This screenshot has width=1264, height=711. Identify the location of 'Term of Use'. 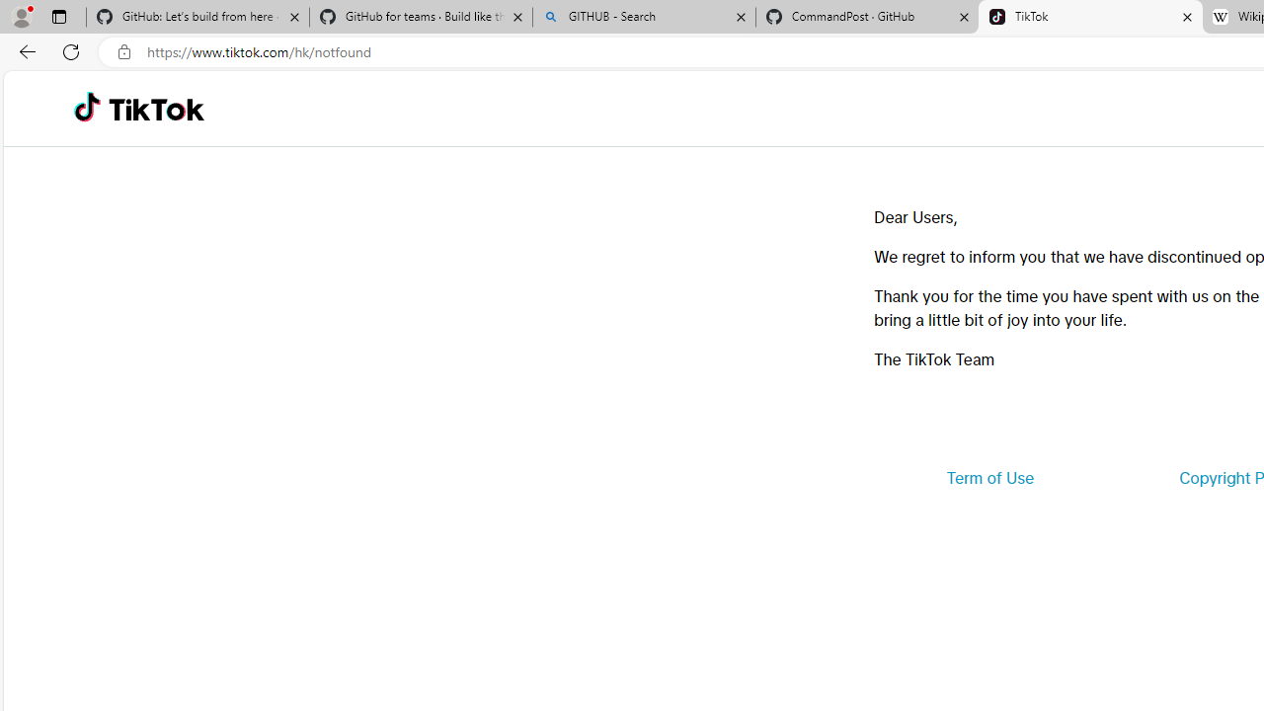
(989, 478).